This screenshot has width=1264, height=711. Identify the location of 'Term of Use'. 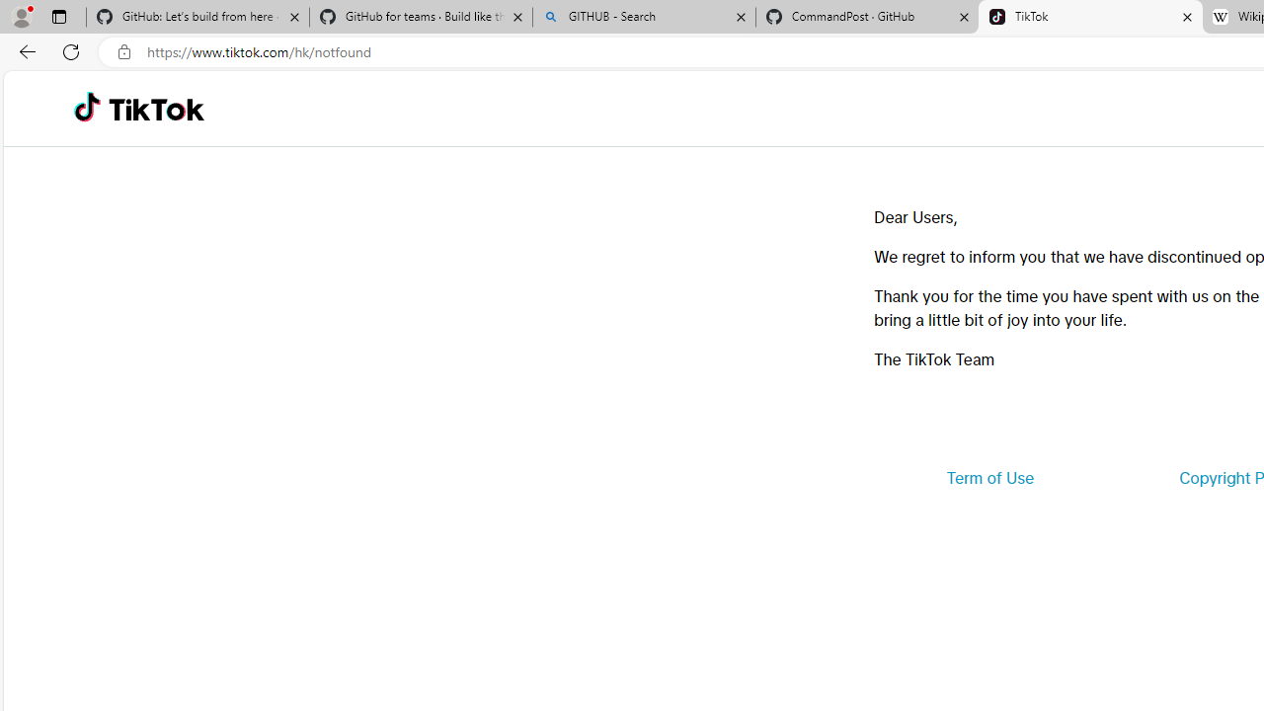
(989, 478).